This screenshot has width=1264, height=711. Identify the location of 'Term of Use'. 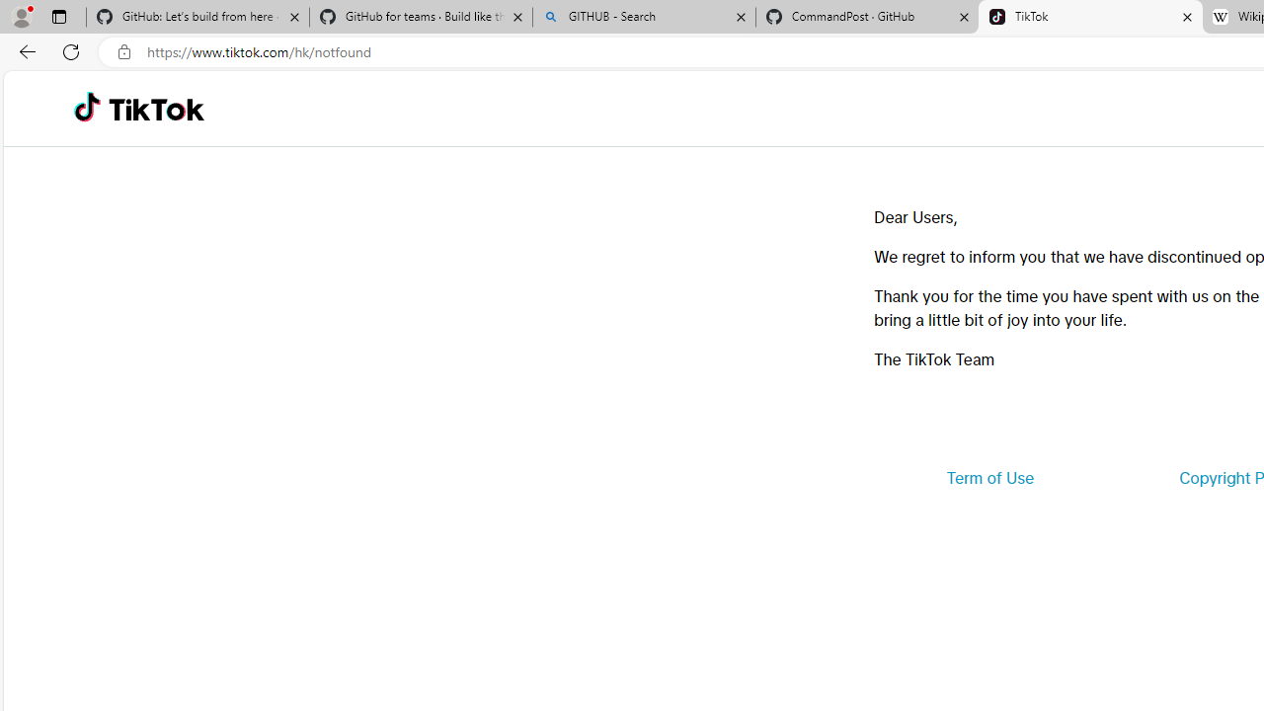
(989, 478).